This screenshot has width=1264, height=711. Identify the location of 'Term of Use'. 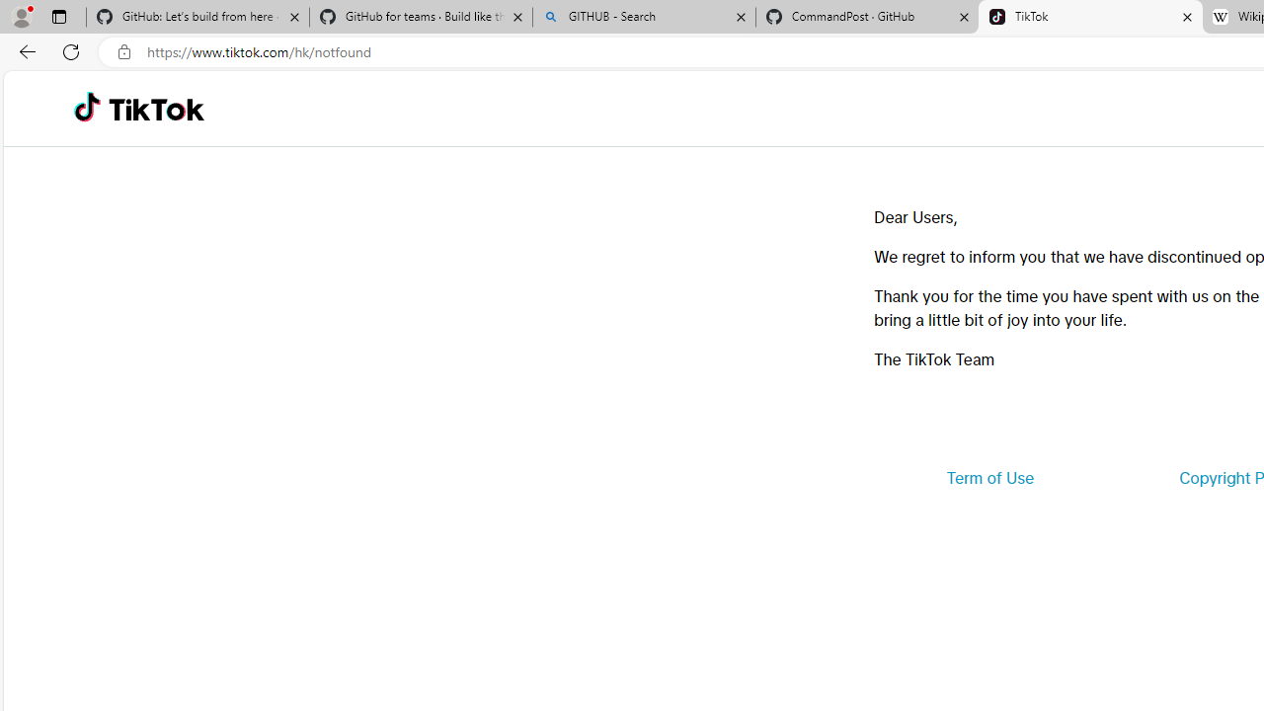
(989, 478).